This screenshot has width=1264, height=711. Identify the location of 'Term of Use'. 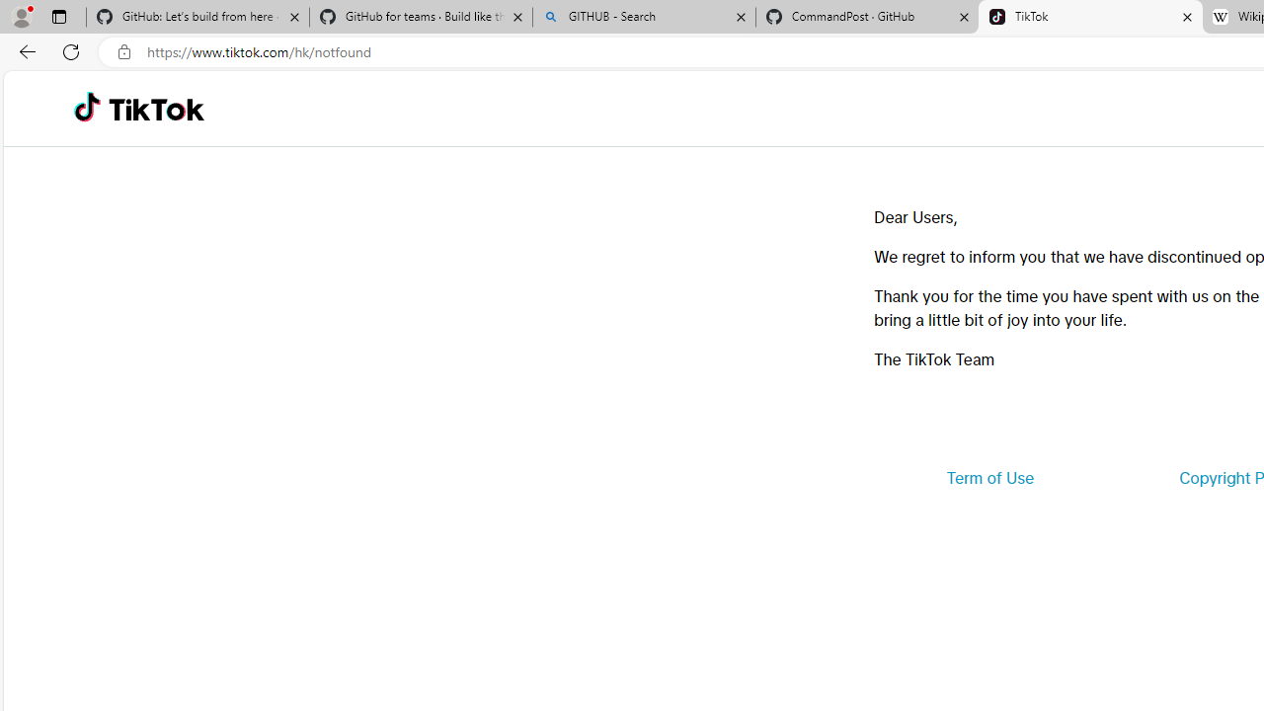
(989, 478).